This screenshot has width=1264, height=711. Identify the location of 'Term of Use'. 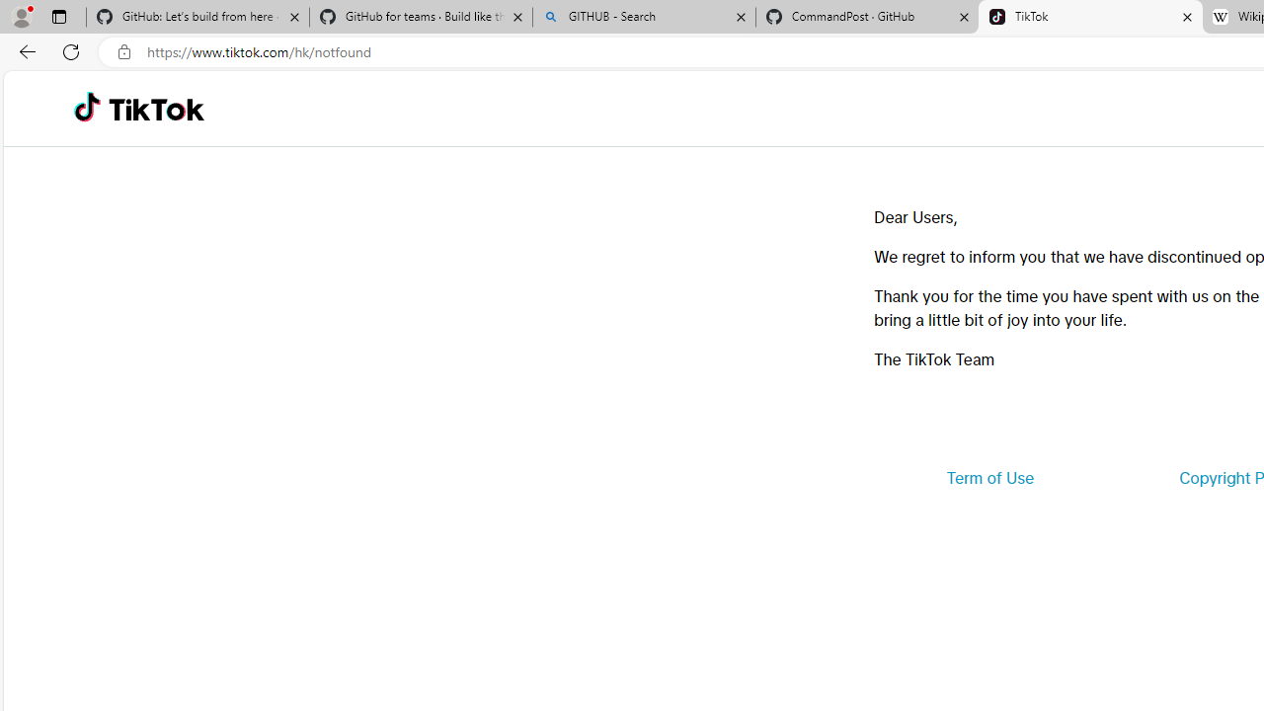
(989, 478).